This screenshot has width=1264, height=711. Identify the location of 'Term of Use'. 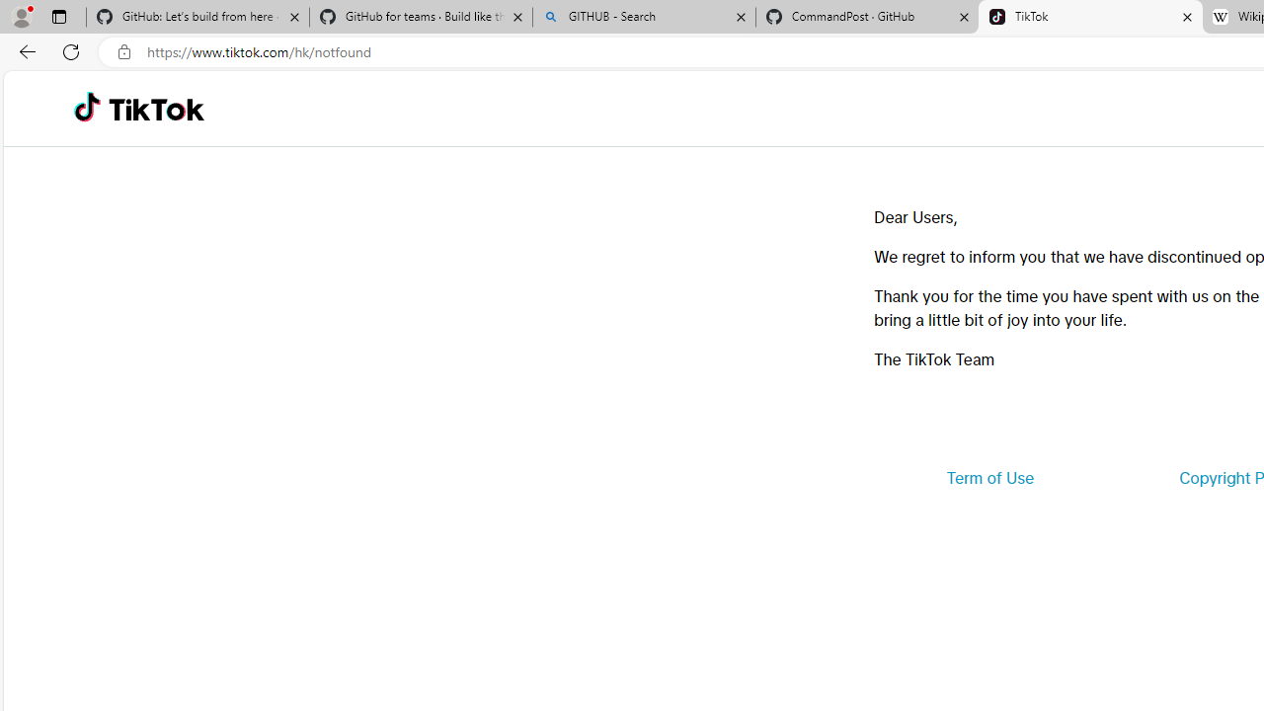
(989, 478).